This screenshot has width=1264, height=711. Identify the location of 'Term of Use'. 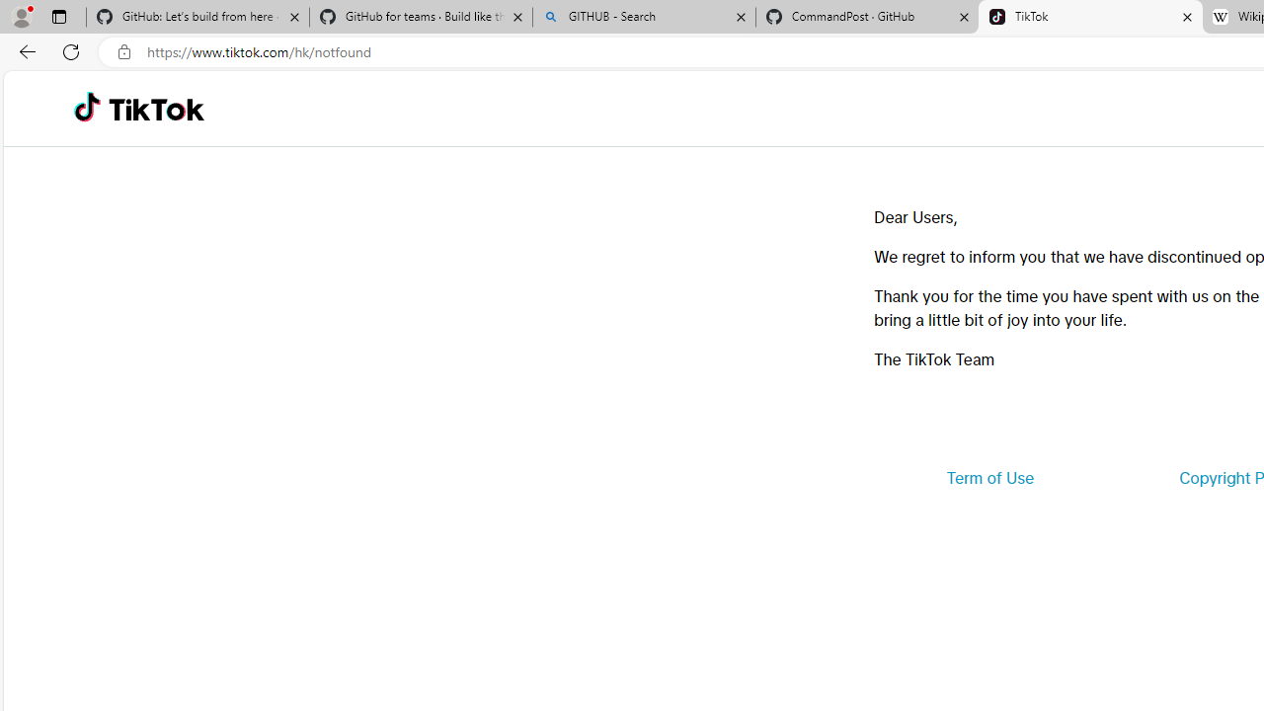
(989, 478).